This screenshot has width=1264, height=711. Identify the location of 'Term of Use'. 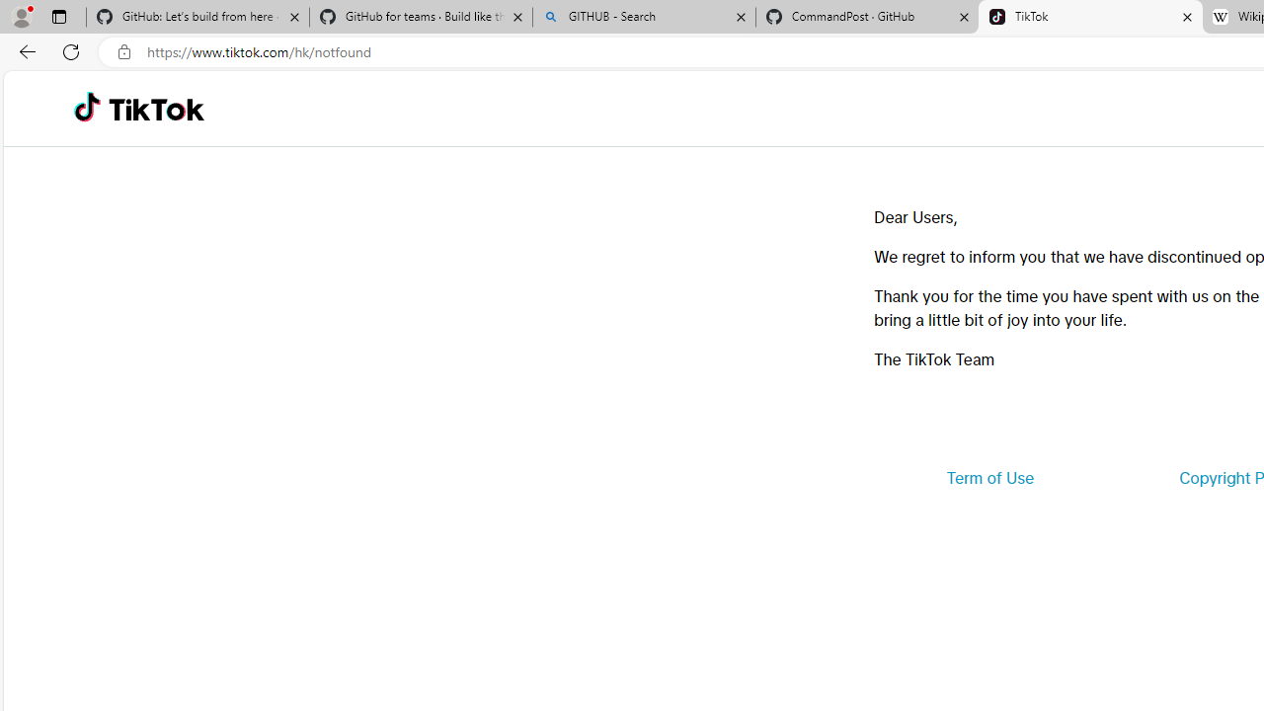
(989, 478).